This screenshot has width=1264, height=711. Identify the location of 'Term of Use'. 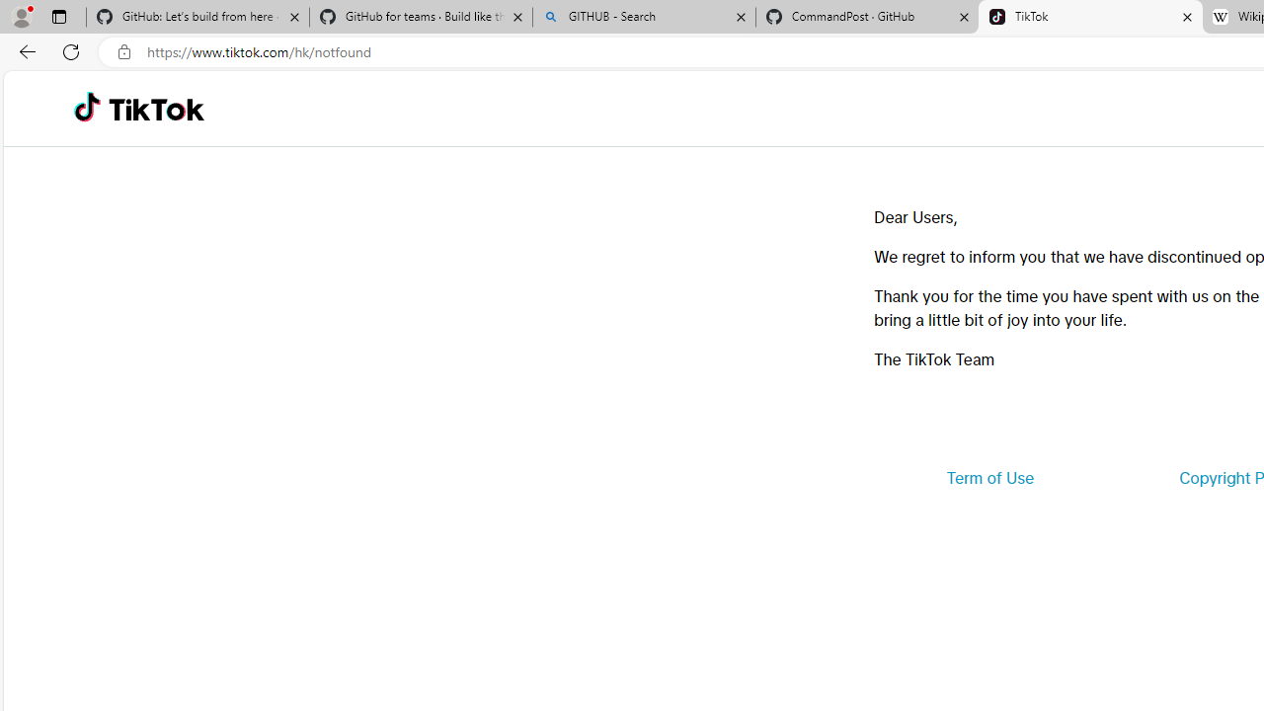
(989, 478).